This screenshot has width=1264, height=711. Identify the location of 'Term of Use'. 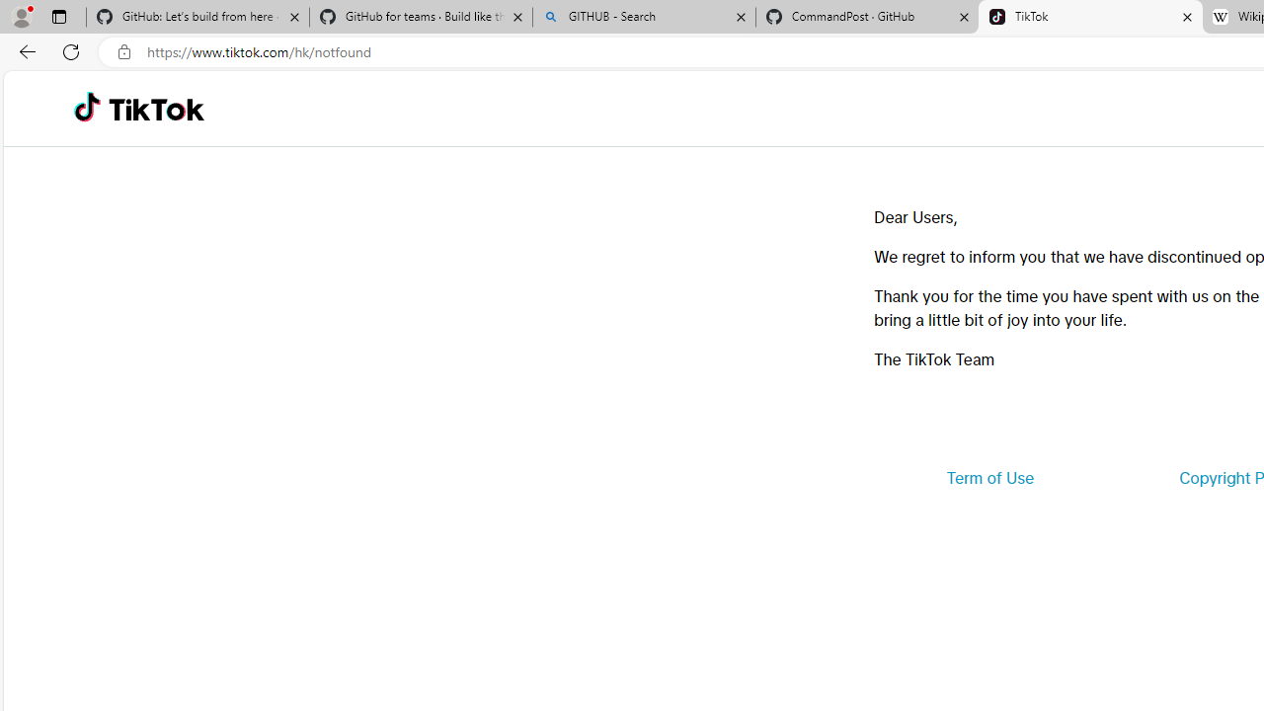
(989, 478).